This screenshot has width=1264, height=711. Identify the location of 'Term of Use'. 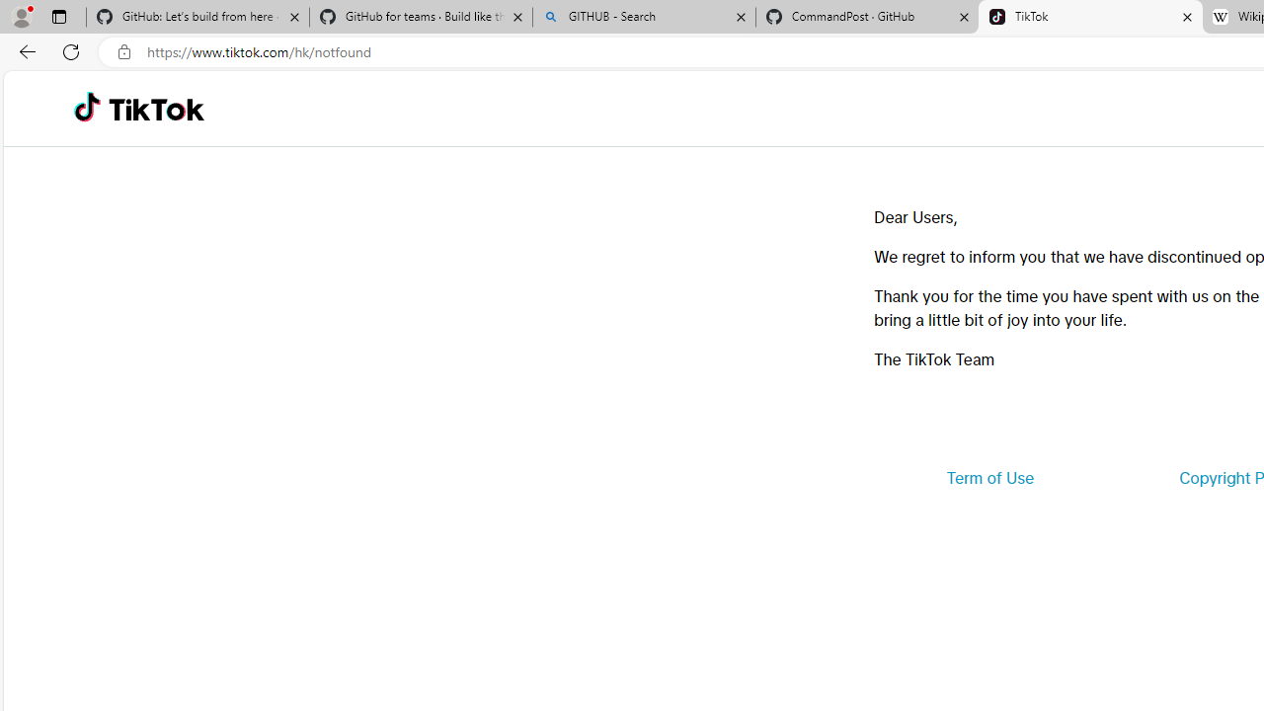
(989, 478).